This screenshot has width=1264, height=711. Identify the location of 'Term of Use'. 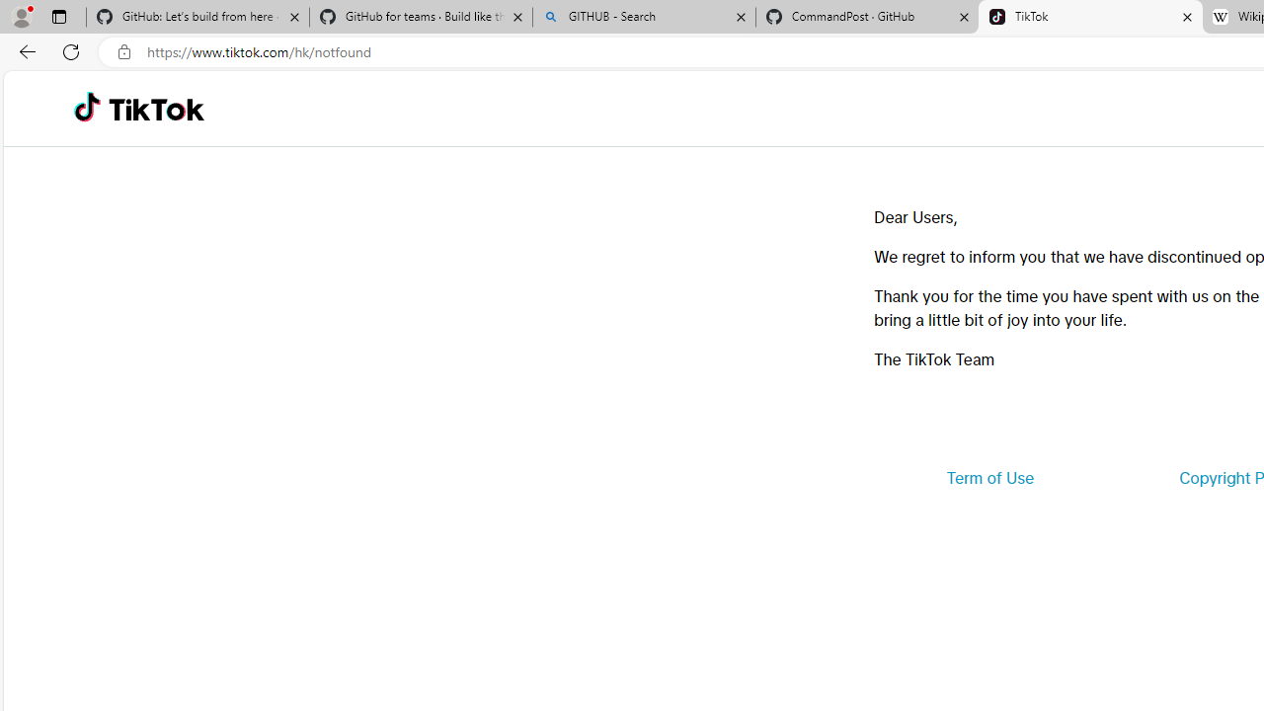
(989, 478).